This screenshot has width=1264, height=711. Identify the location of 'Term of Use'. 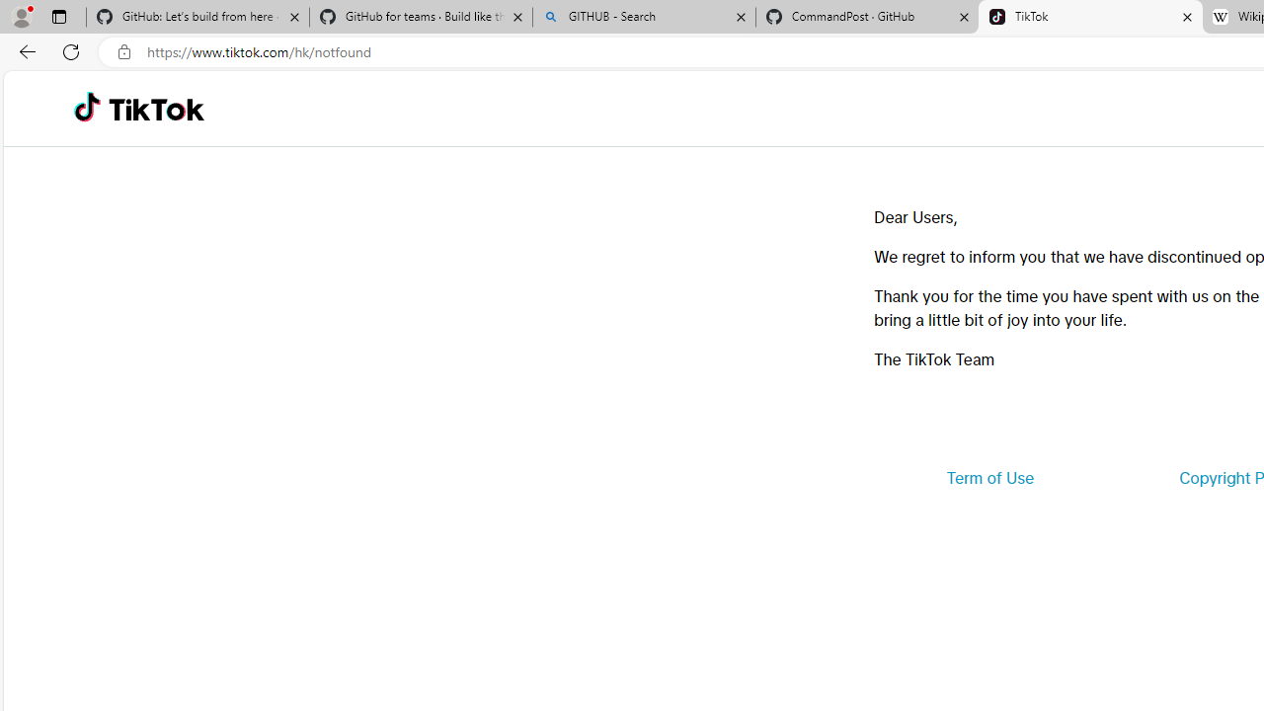
(989, 478).